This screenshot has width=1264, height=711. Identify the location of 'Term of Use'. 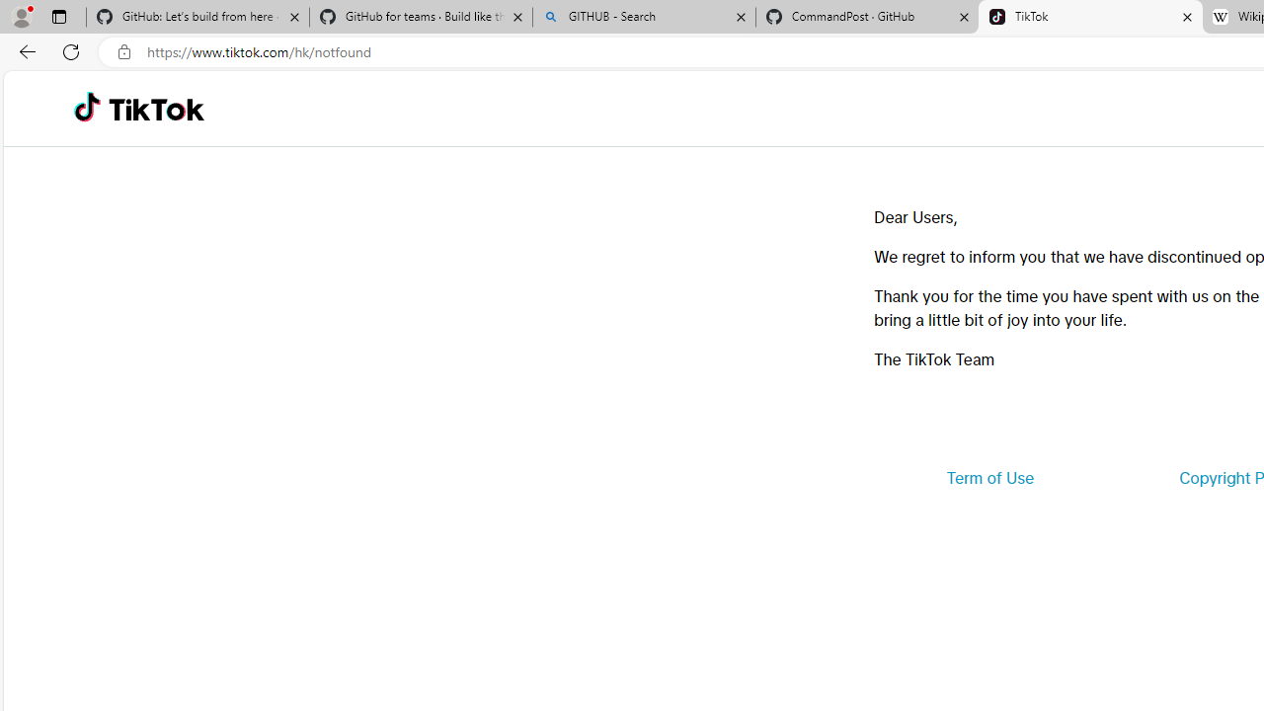
(989, 478).